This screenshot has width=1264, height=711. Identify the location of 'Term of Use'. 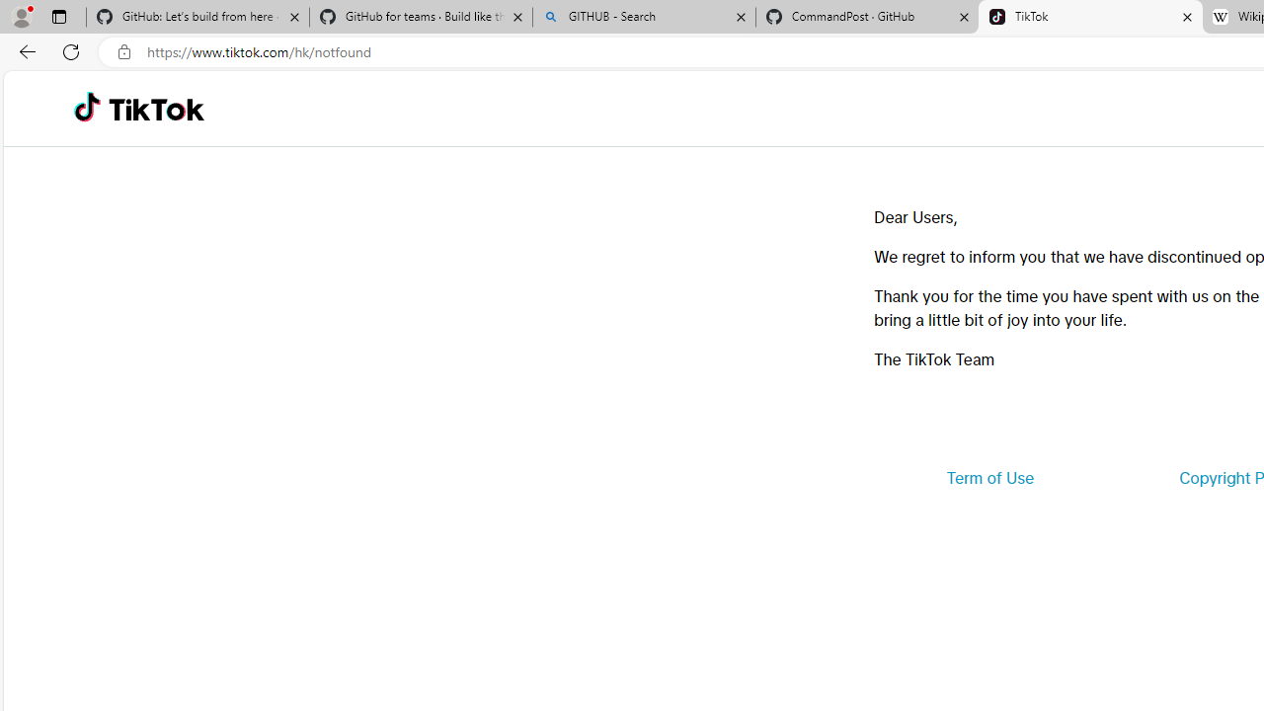
(989, 478).